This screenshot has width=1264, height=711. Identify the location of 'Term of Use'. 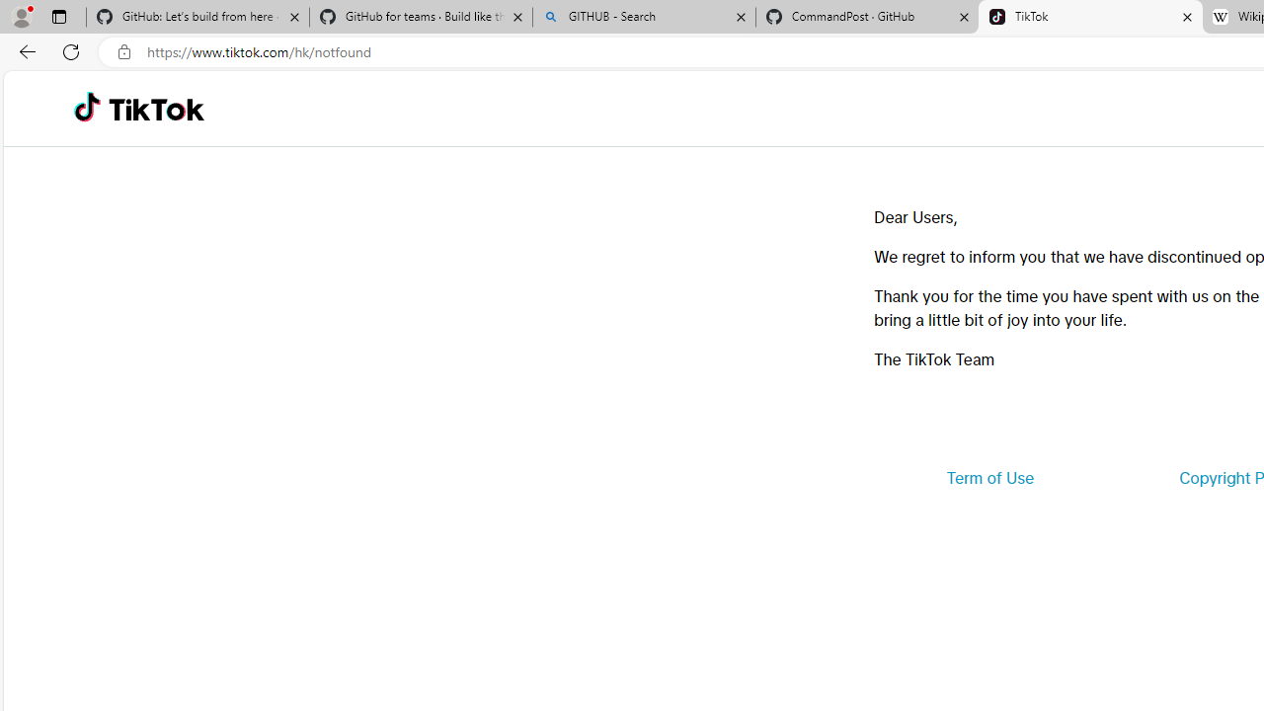
(989, 478).